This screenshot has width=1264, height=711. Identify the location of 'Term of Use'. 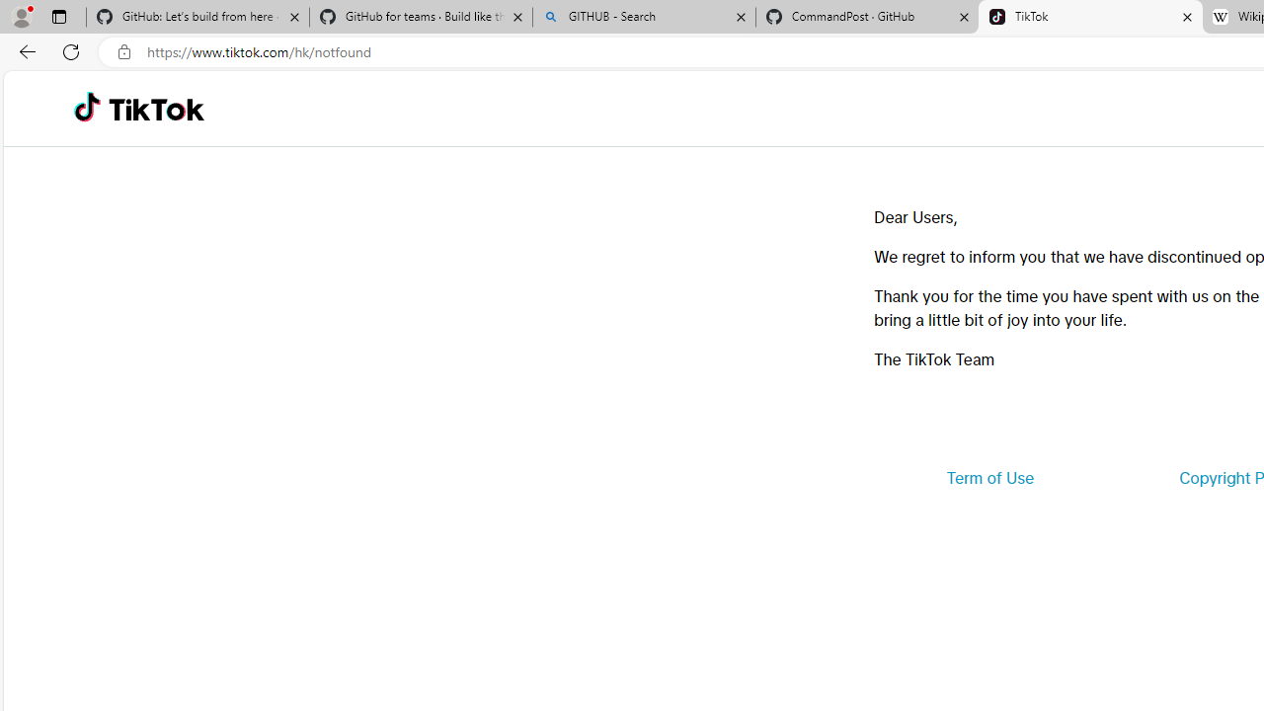
(989, 478).